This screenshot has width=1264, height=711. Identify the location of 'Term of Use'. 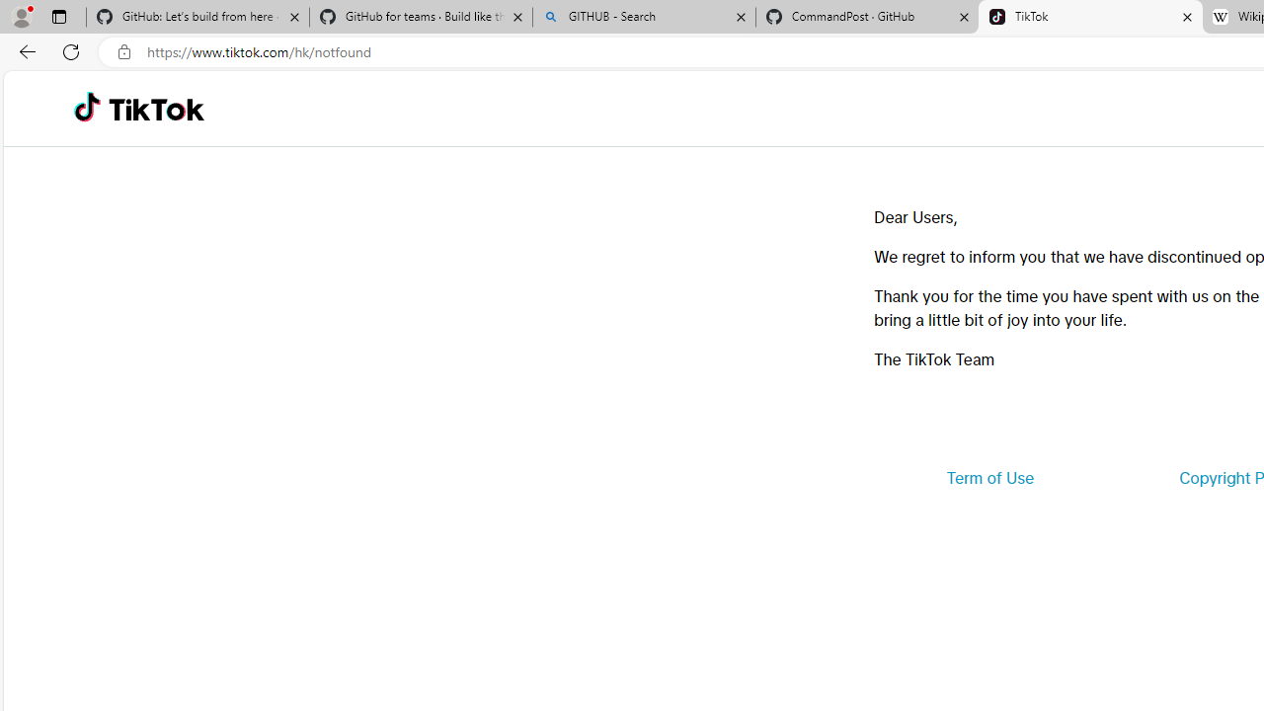
(989, 478).